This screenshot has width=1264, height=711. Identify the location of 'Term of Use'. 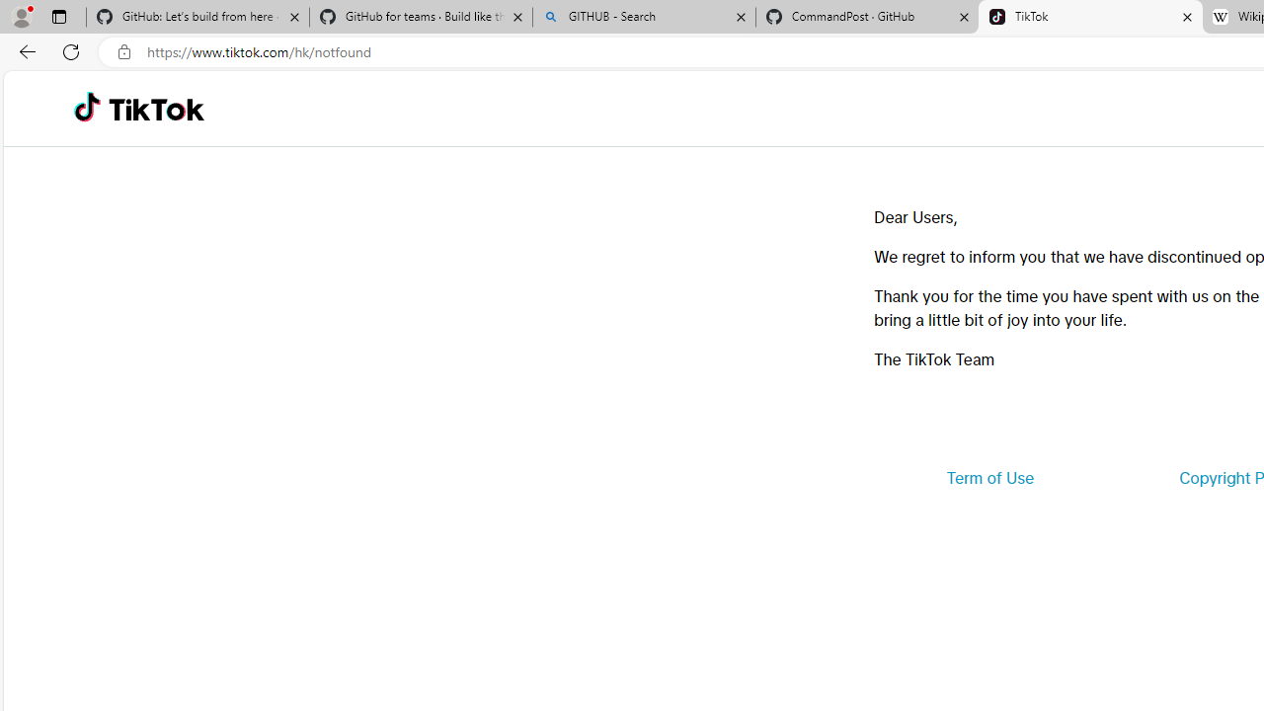
(989, 478).